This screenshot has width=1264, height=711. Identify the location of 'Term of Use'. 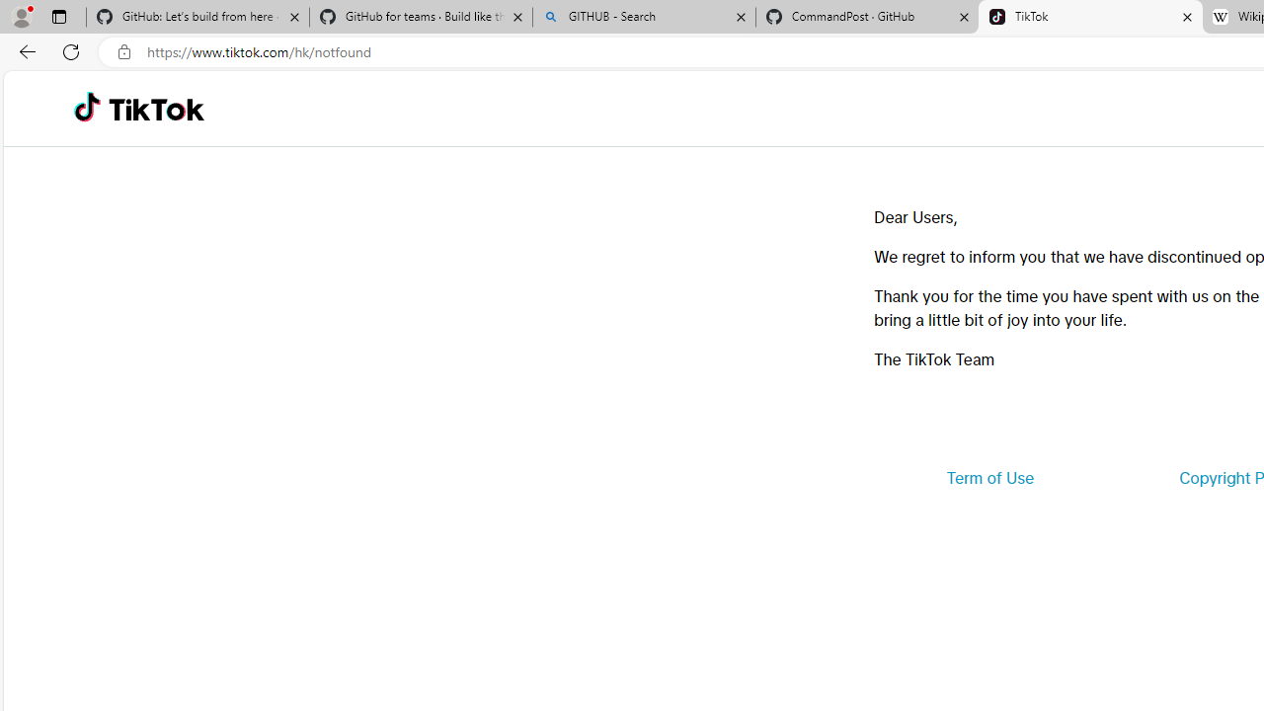
(989, 478).